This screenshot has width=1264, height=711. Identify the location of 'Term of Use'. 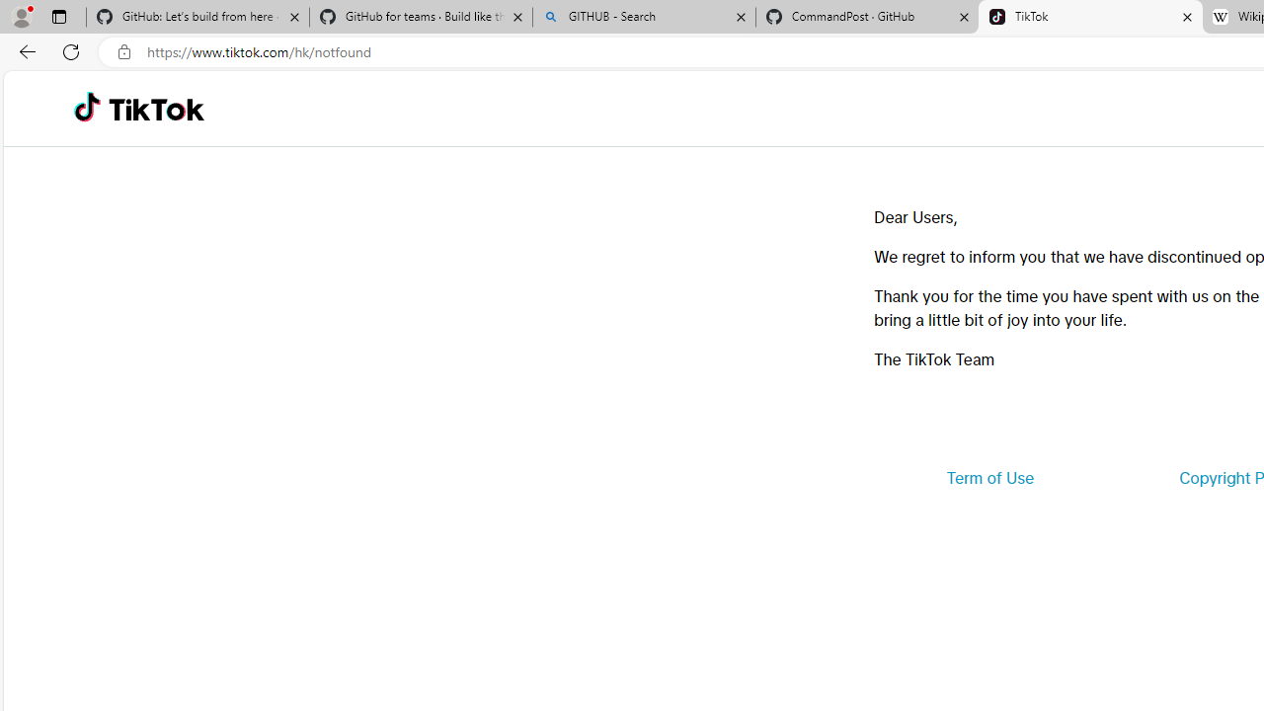
(989, 478).